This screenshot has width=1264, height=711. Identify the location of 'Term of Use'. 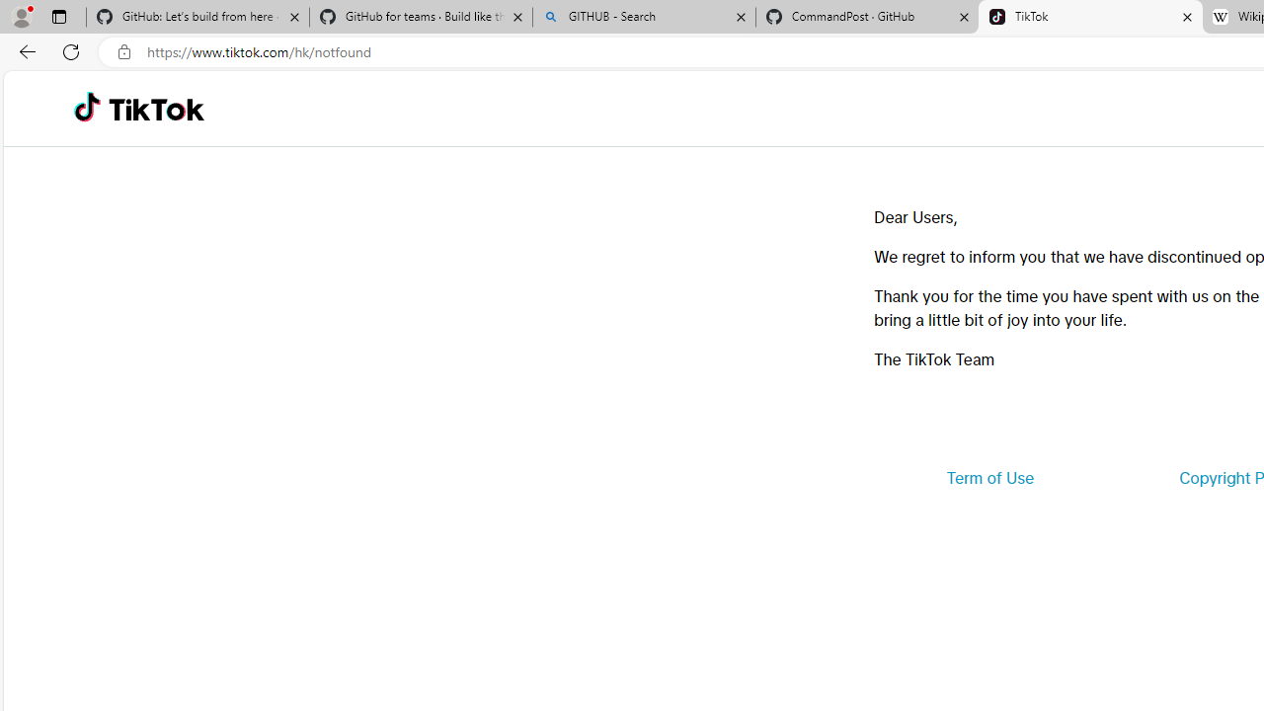
(989, 478).